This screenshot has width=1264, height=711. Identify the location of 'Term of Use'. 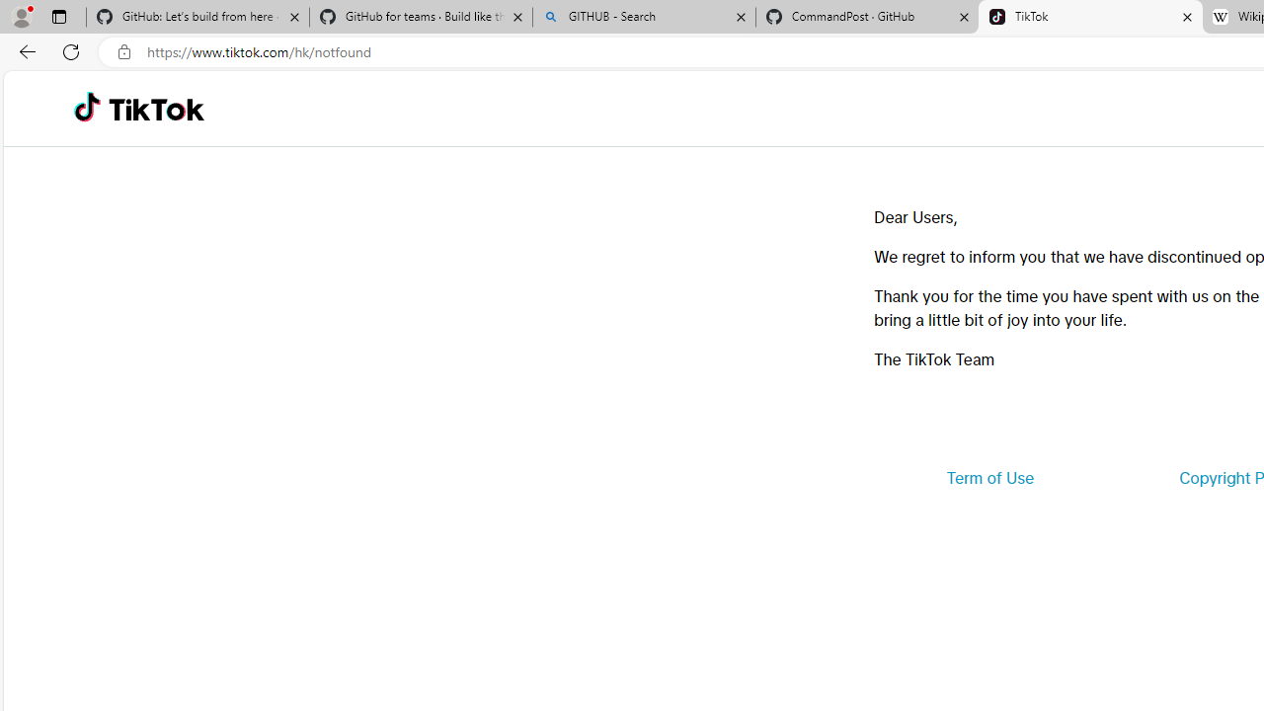
(989, 478).